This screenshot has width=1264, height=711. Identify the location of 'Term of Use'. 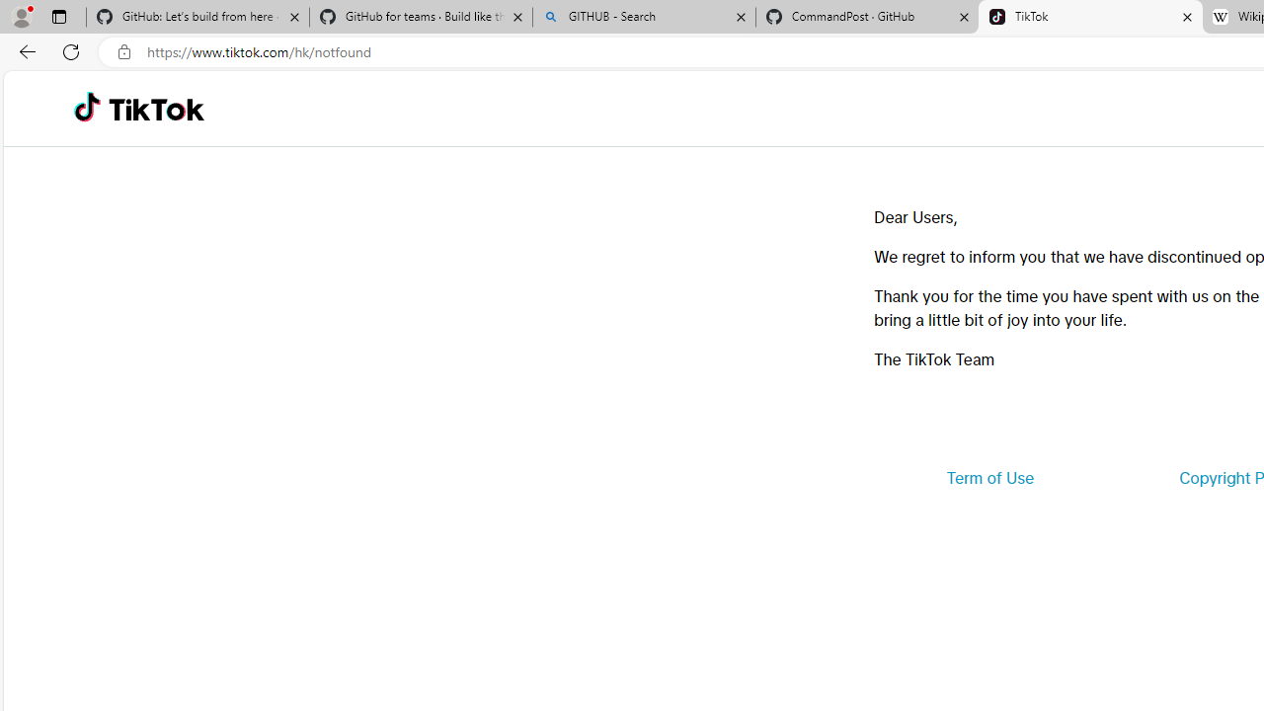
(989, 478).